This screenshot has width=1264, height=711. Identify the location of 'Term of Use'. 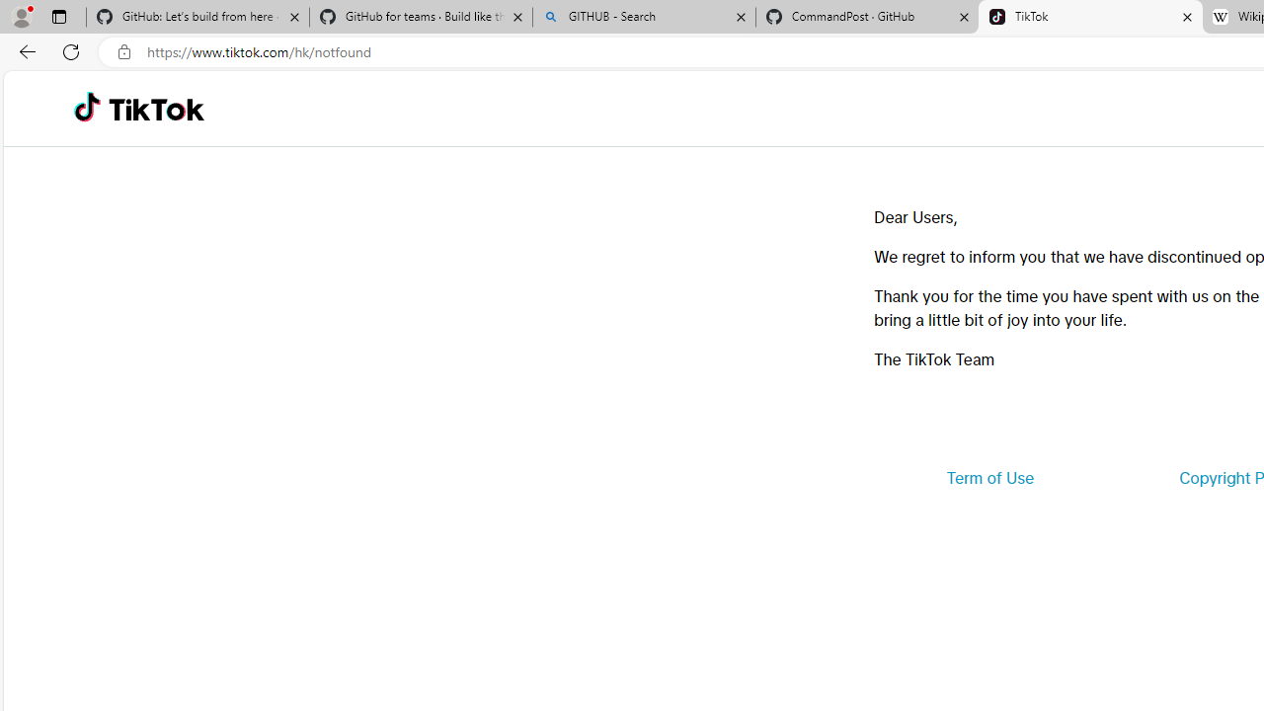
(989, 478).